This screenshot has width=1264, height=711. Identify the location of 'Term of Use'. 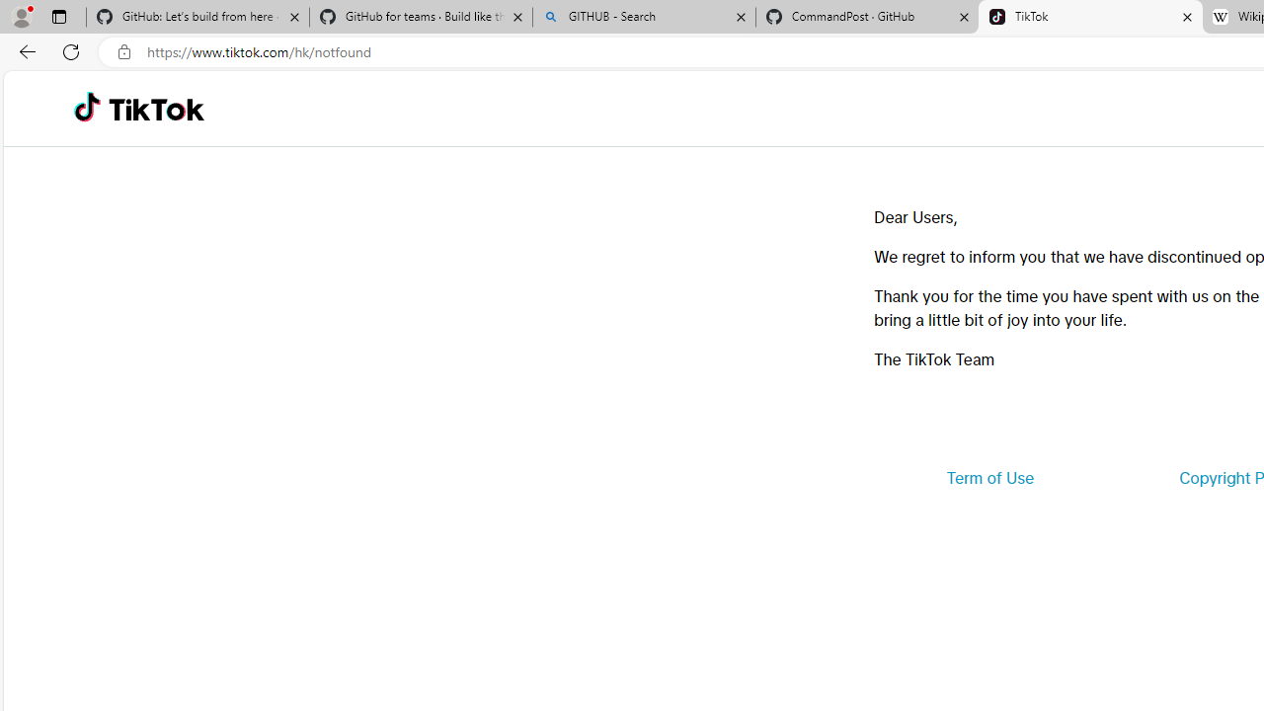
(989, 478).